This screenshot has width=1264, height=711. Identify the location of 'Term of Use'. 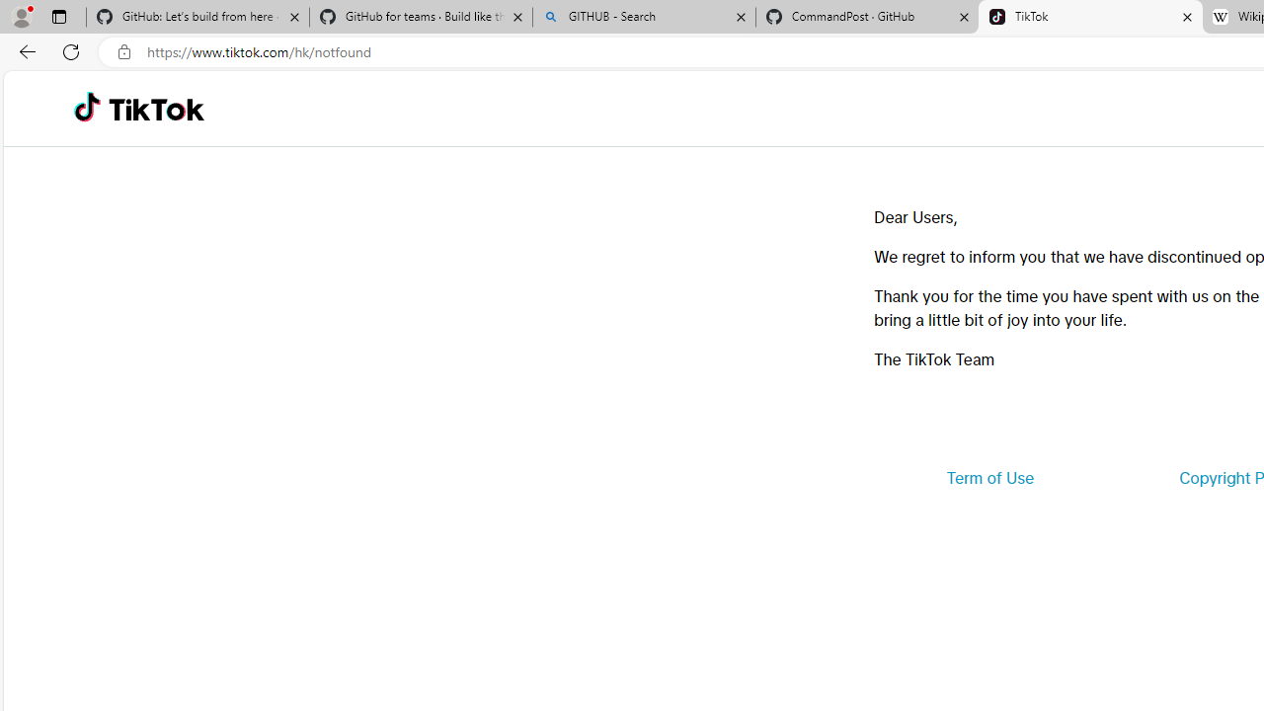
(989, 478).